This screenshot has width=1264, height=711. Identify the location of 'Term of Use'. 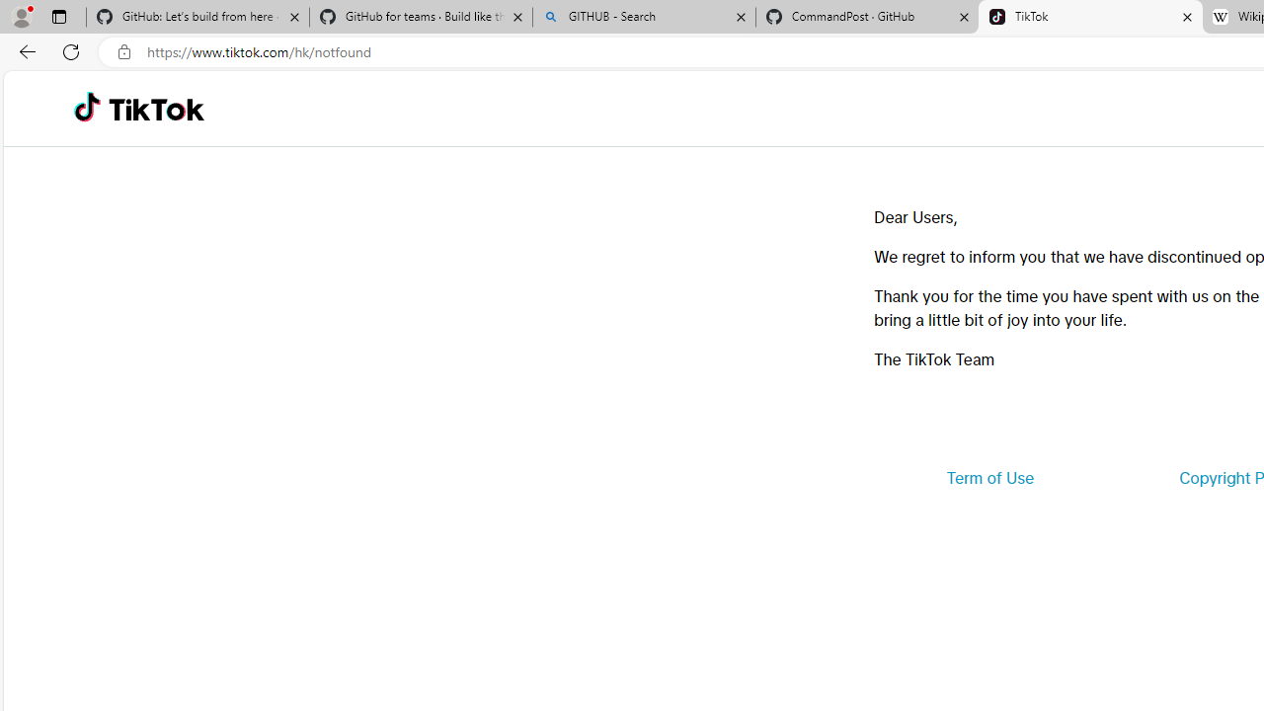
(989, 478).